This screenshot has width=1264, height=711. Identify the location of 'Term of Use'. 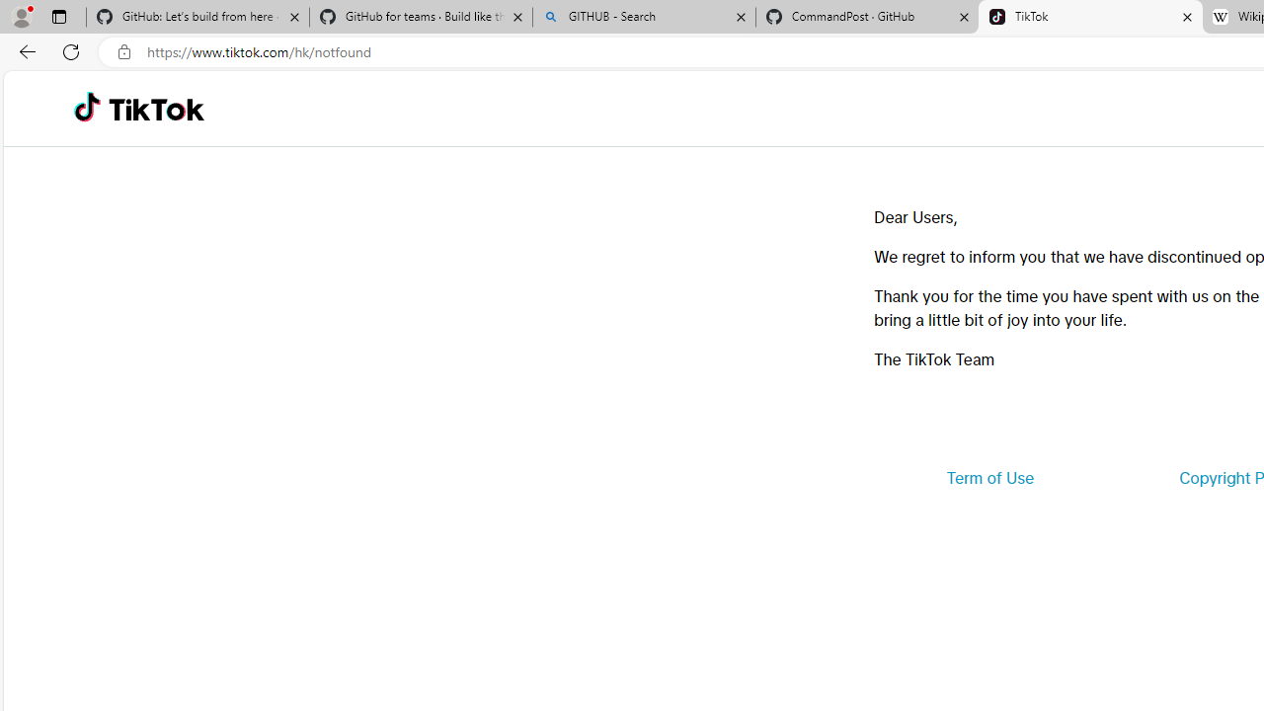
(989, 478).